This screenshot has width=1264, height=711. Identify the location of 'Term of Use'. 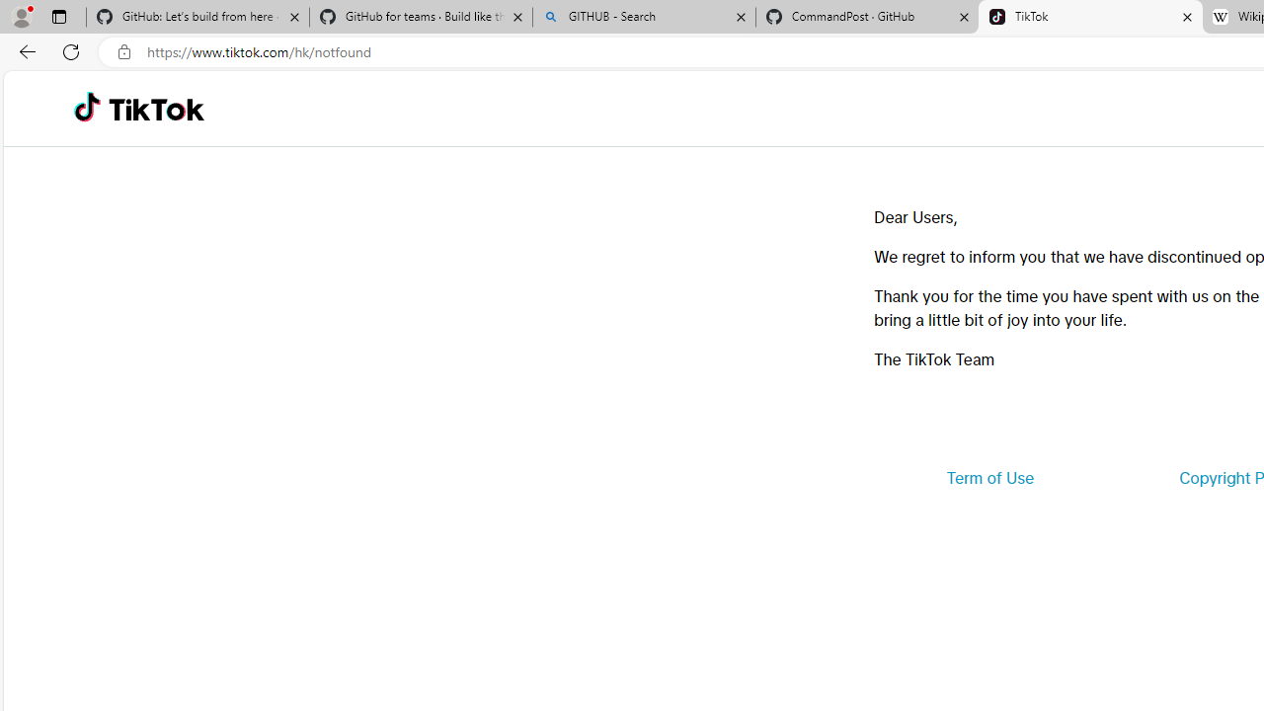
(989, 478).